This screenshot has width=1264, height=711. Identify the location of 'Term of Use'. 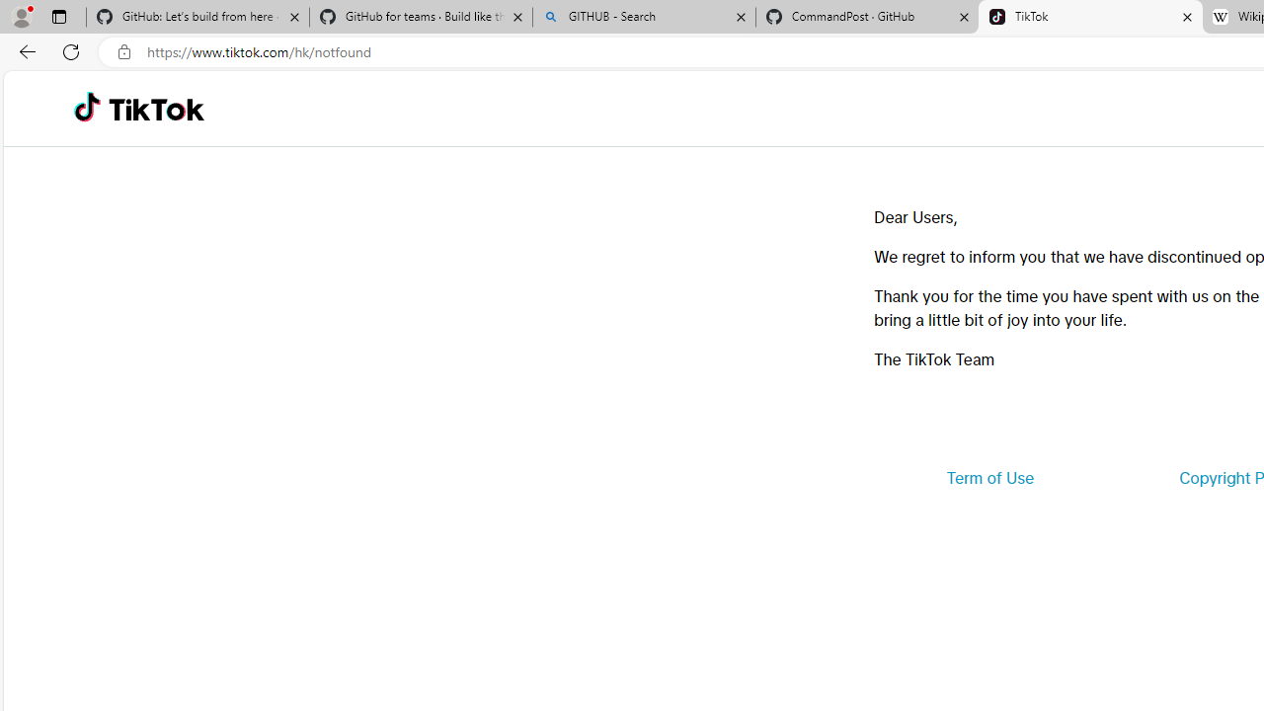
(989, 478).